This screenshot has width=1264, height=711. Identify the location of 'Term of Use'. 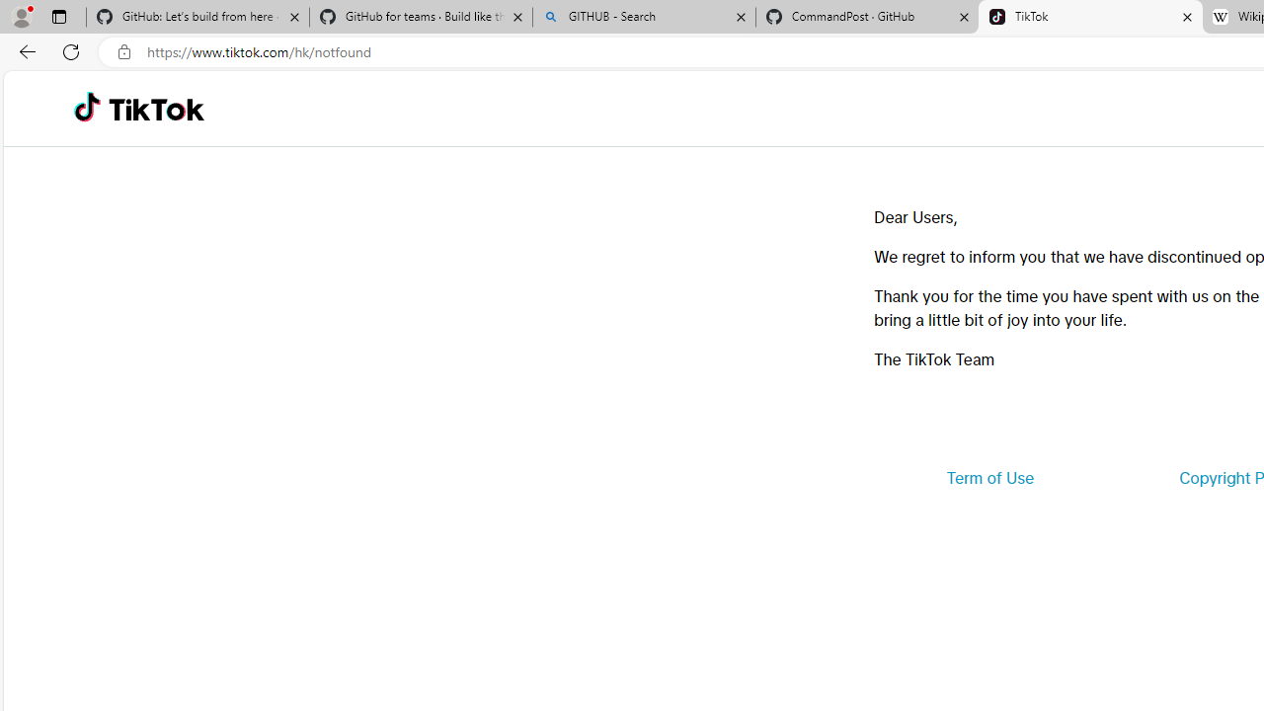
(989, 478).